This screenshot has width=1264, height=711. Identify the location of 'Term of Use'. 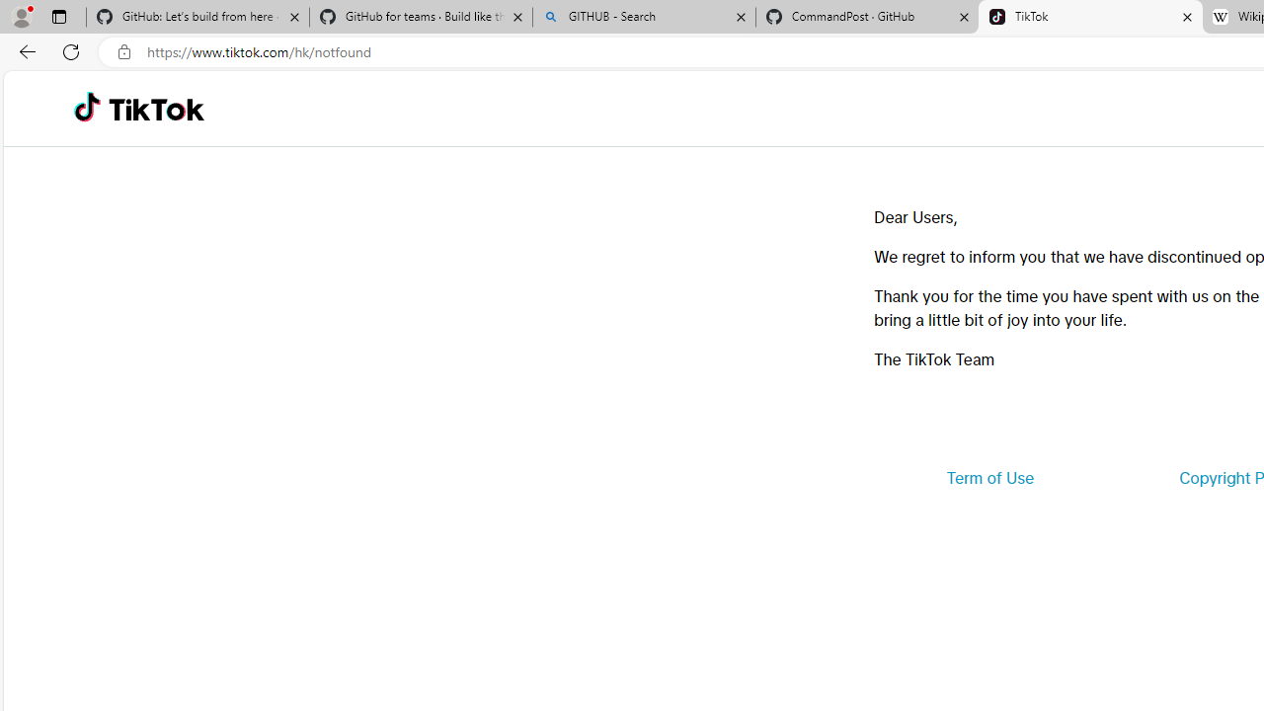
(989, 478).